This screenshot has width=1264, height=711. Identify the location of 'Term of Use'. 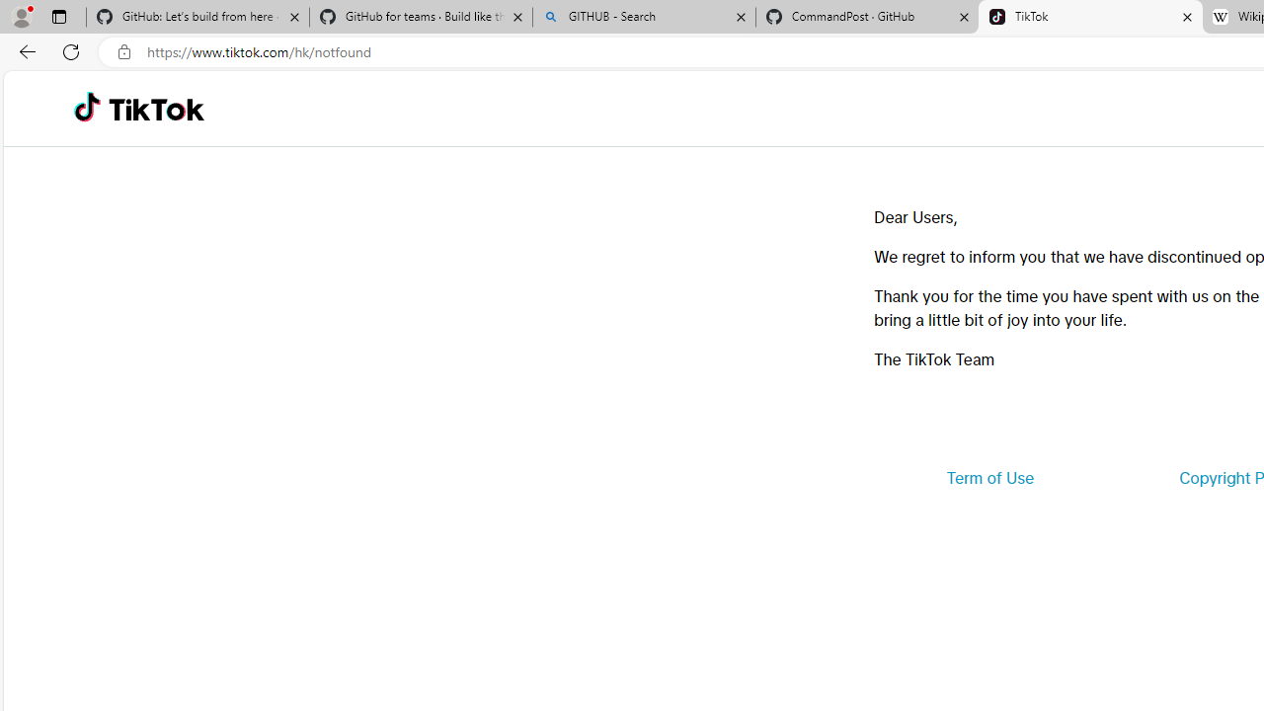
(989, 478).